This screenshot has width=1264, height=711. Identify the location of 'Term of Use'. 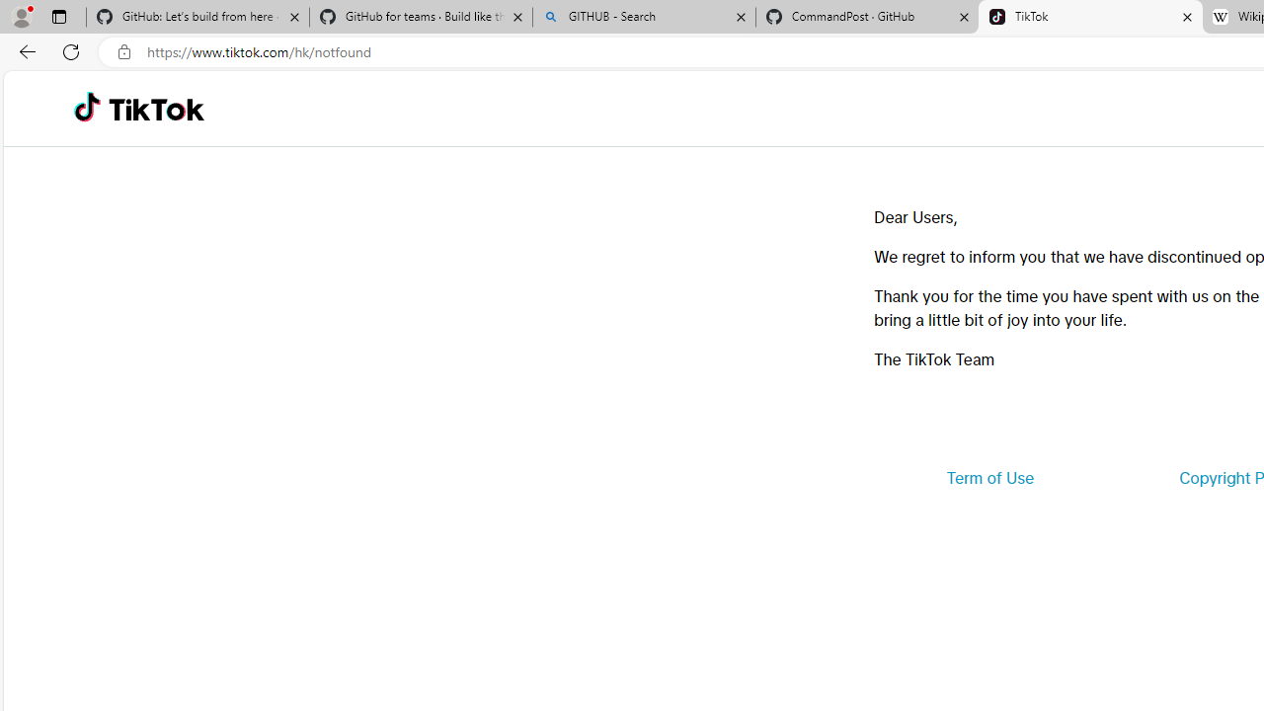
(989, 478).